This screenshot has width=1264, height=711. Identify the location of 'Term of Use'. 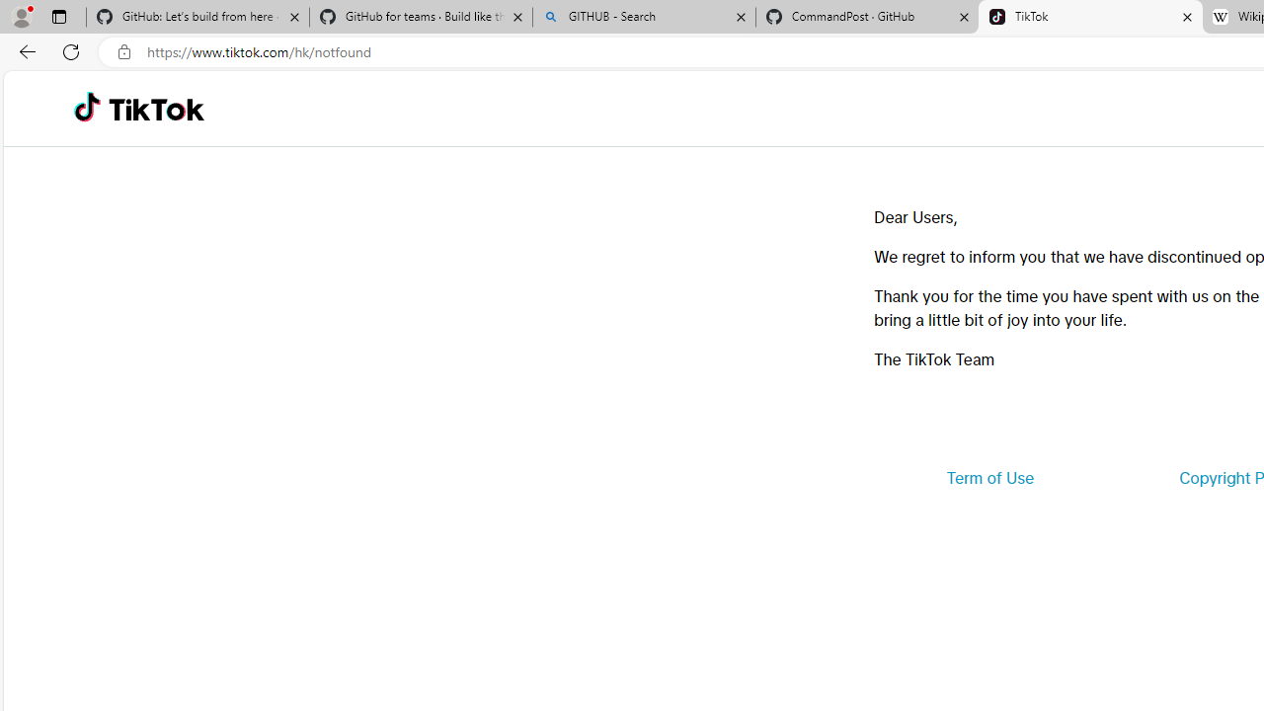
(989, 478).